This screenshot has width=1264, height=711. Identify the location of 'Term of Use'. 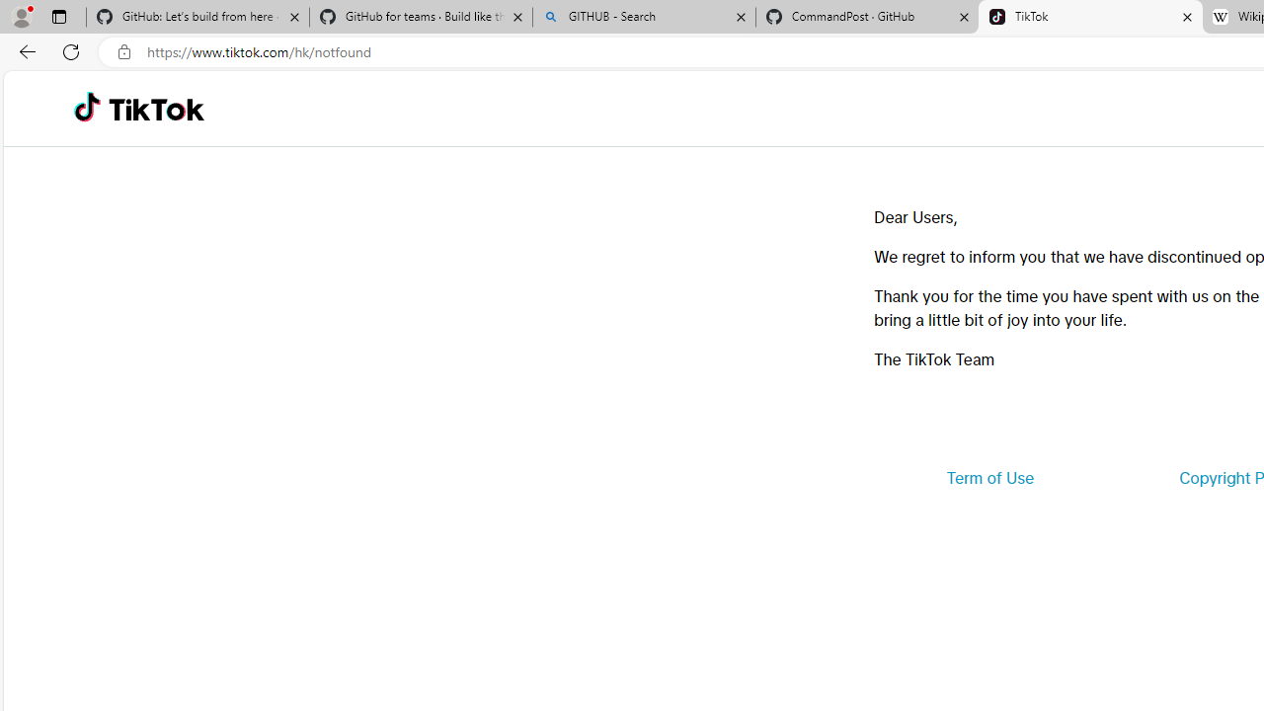
(989, 478).